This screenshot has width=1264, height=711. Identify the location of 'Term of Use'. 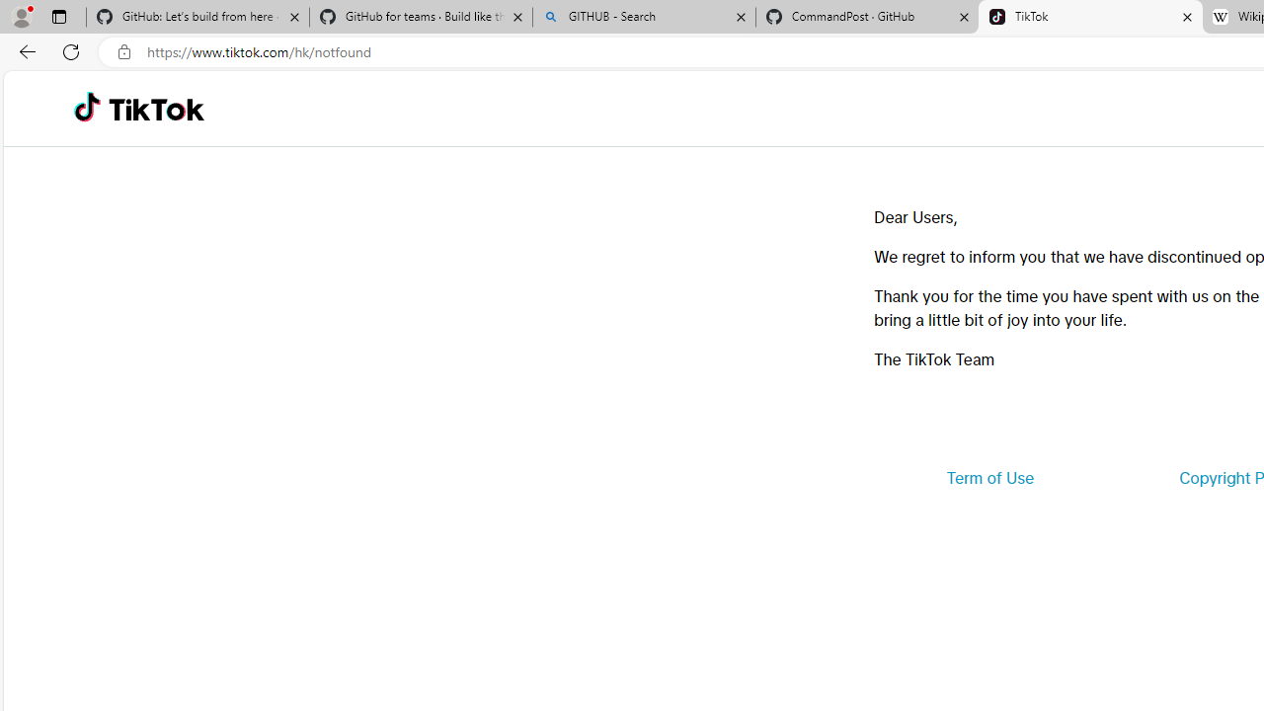
(989, 478).